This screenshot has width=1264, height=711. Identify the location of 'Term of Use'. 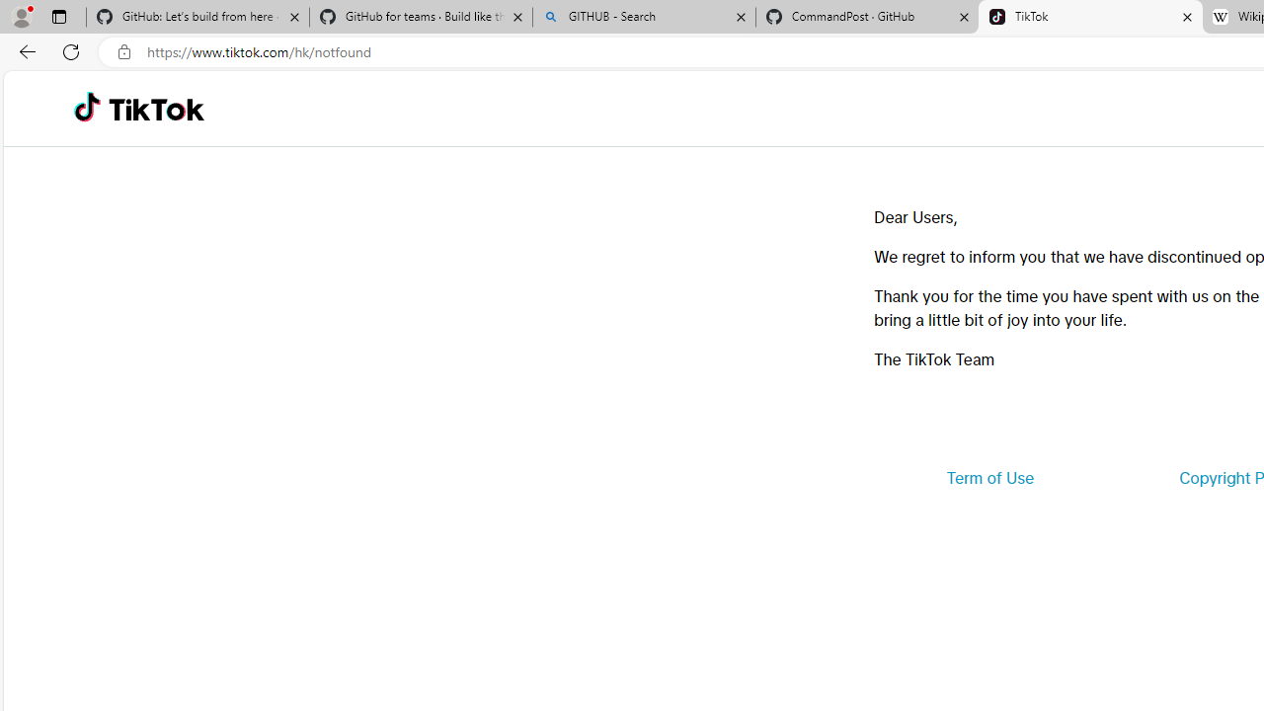
(989, 478).